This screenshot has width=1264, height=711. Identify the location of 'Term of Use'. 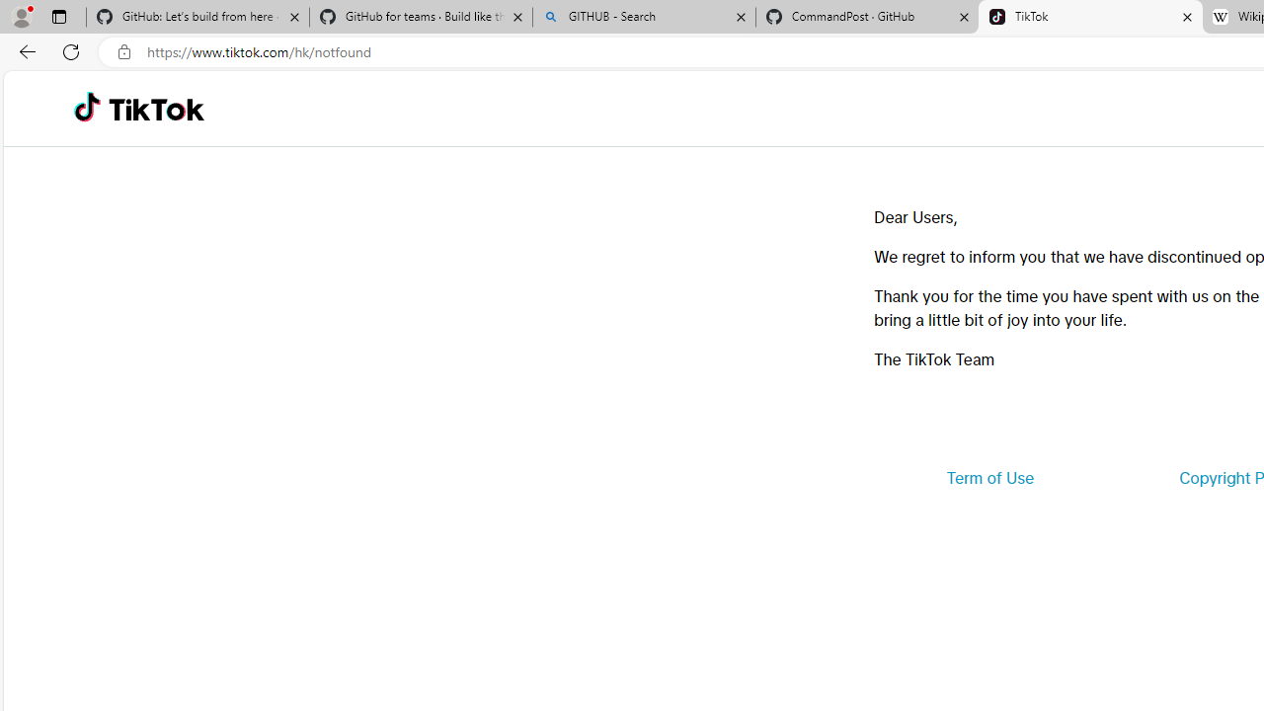
(989, 478).